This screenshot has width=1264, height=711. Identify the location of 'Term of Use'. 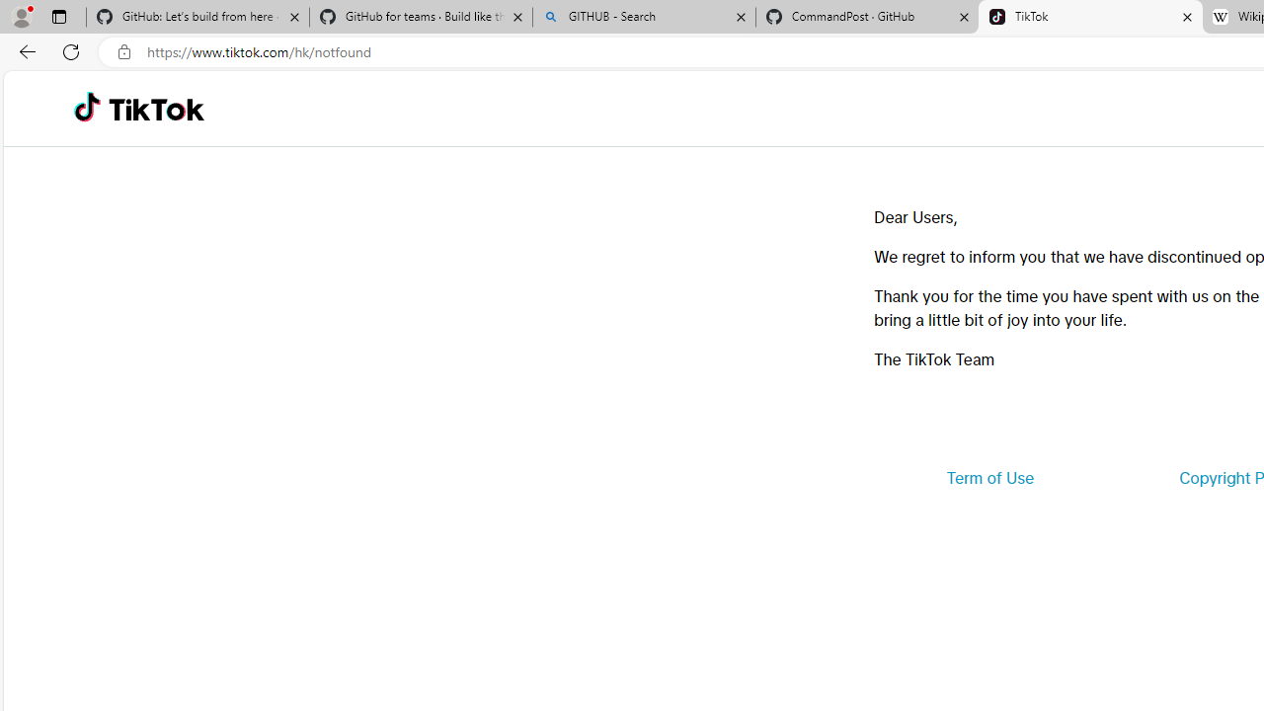
(989, 478).